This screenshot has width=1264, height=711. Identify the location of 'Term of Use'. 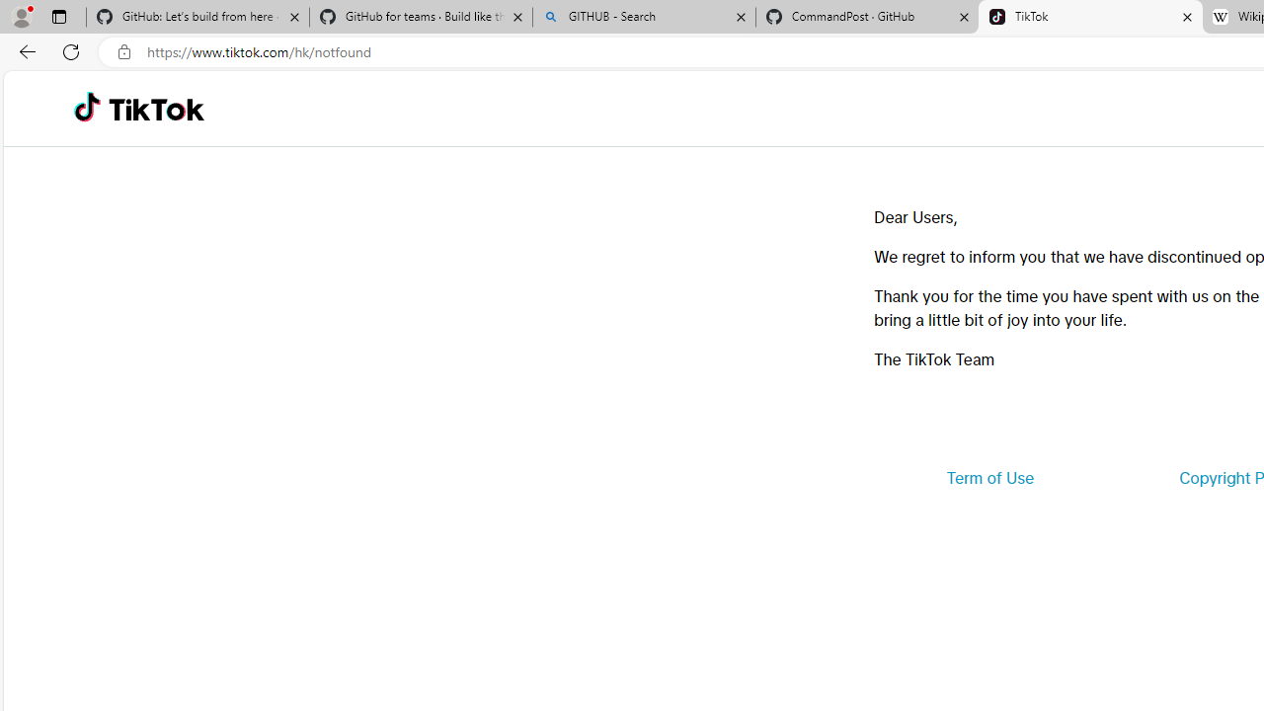
(989, 478).